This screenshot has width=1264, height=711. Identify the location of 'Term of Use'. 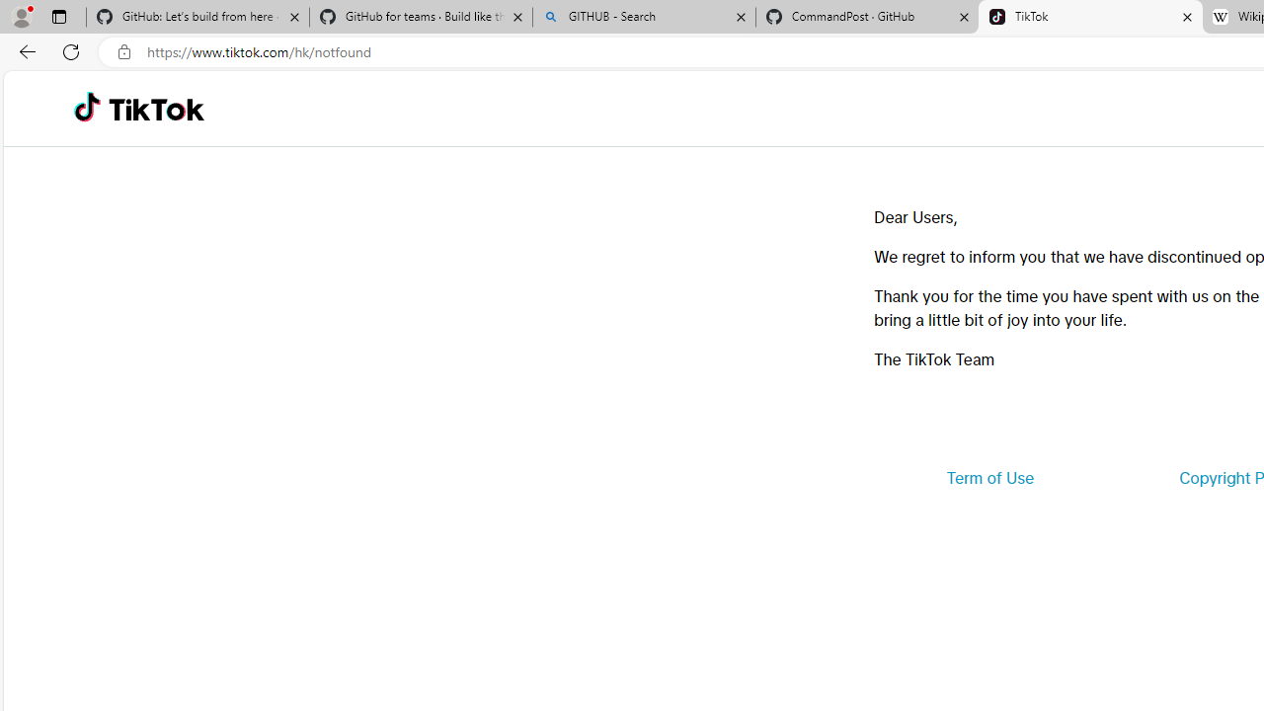
(989, 478).